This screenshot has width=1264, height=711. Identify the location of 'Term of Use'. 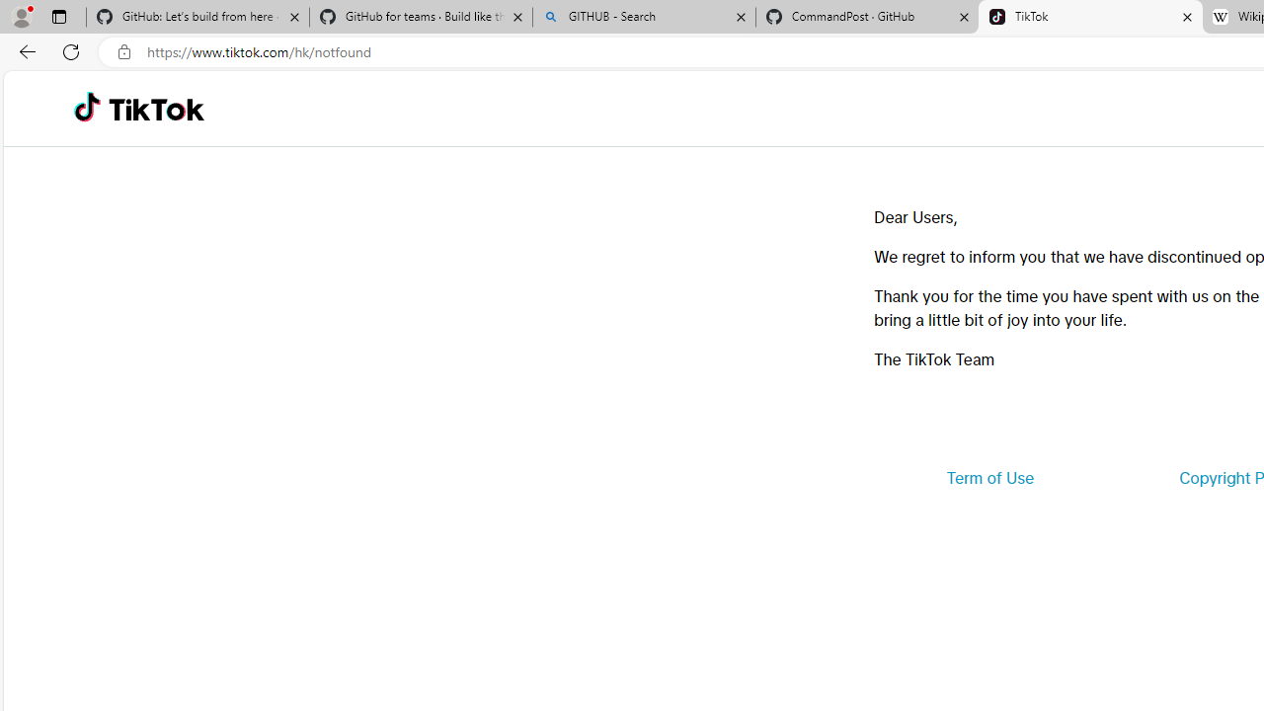
(989, 478).